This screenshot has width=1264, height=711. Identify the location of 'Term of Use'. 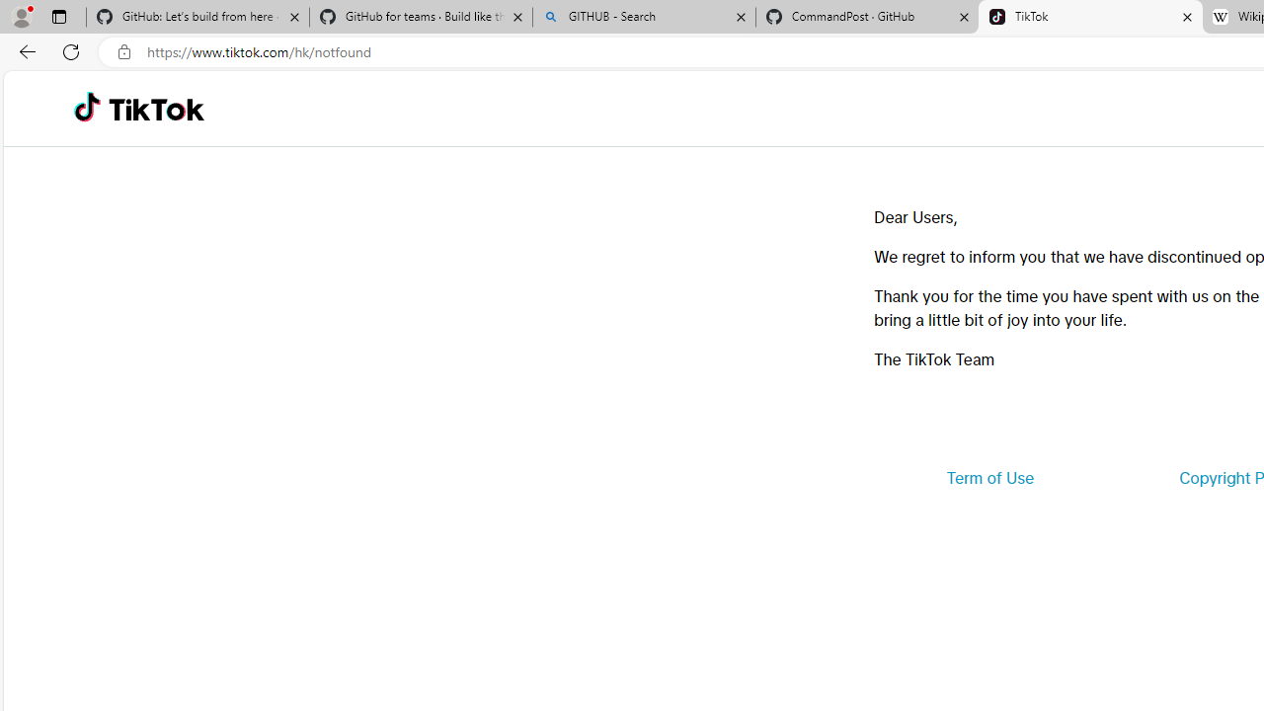
(989, 478).